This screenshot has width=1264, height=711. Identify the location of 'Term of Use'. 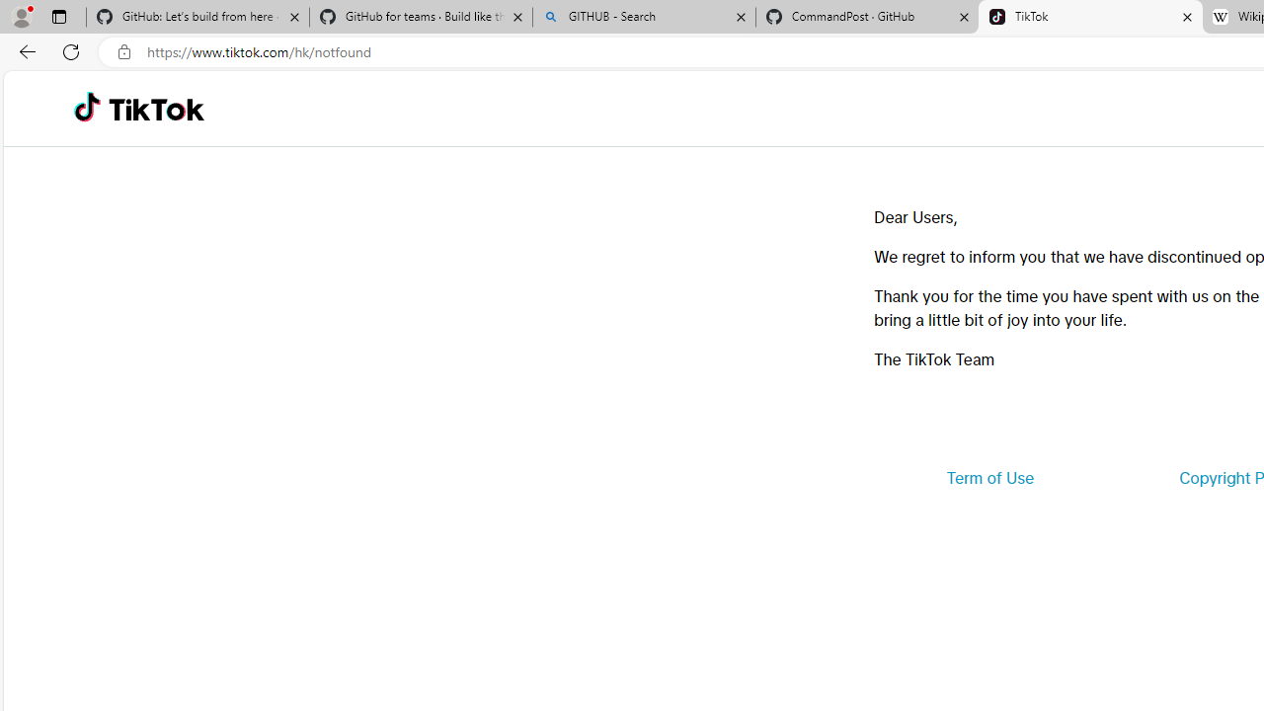
(989, 478).